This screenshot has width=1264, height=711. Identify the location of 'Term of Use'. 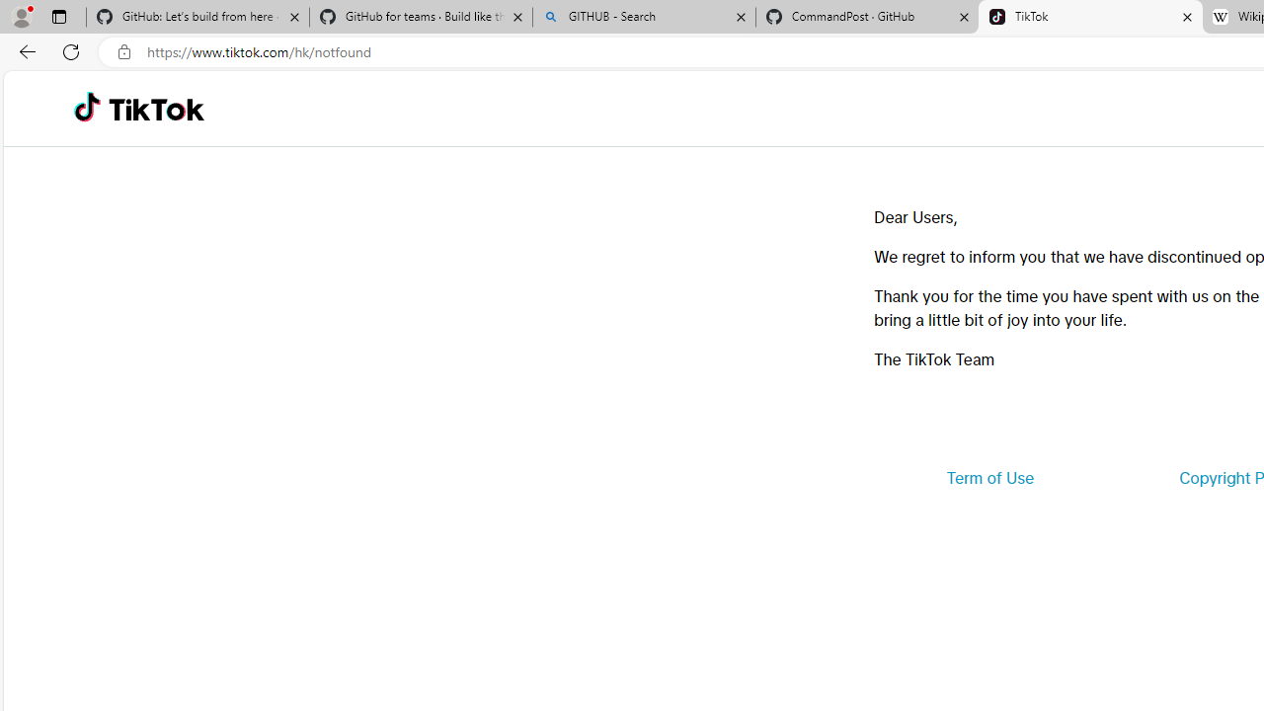
(989, 478).